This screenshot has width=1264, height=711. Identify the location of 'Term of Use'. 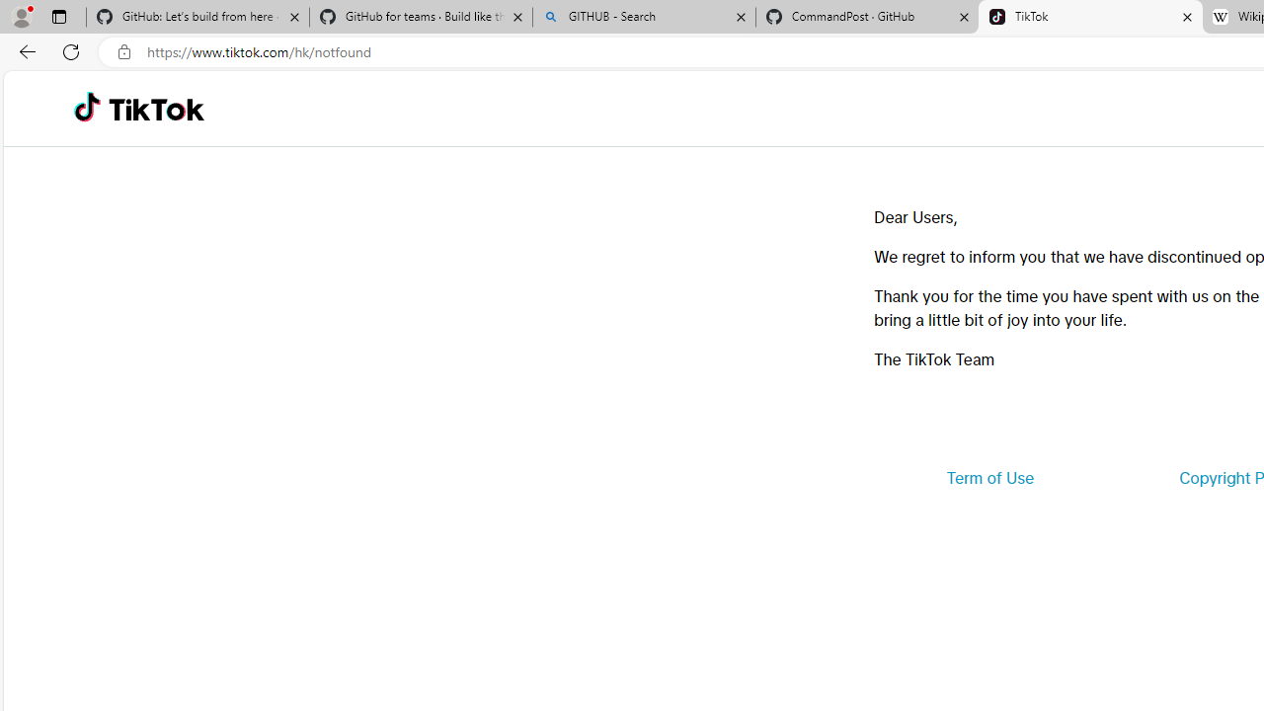
(989, 478).